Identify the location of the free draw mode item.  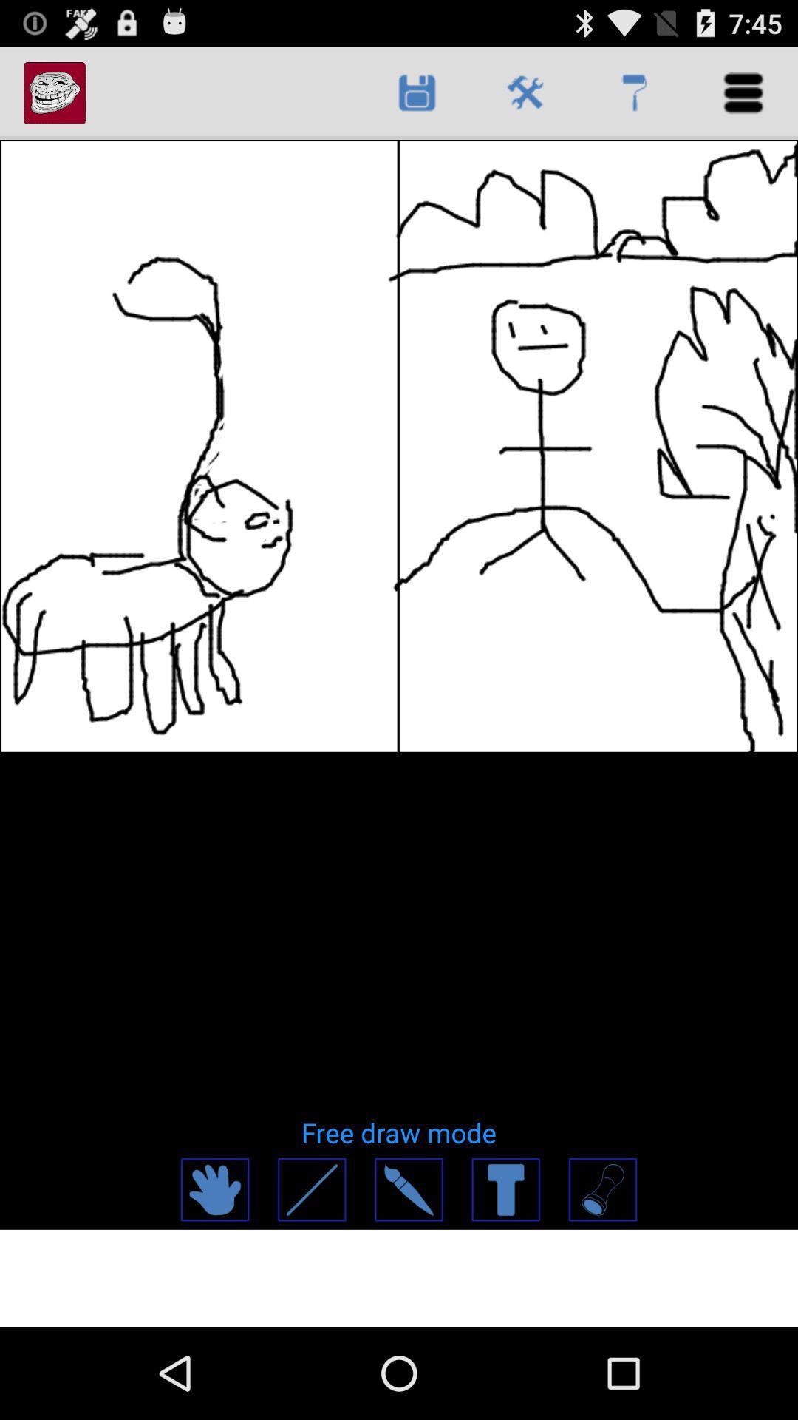
(399, 1132).